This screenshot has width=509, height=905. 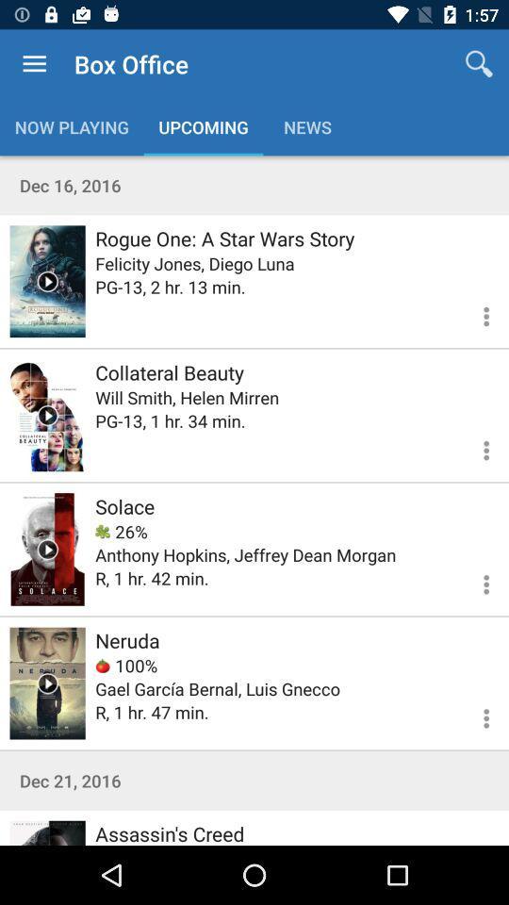 I want to click on solace clip, so click(x=47, y=549).